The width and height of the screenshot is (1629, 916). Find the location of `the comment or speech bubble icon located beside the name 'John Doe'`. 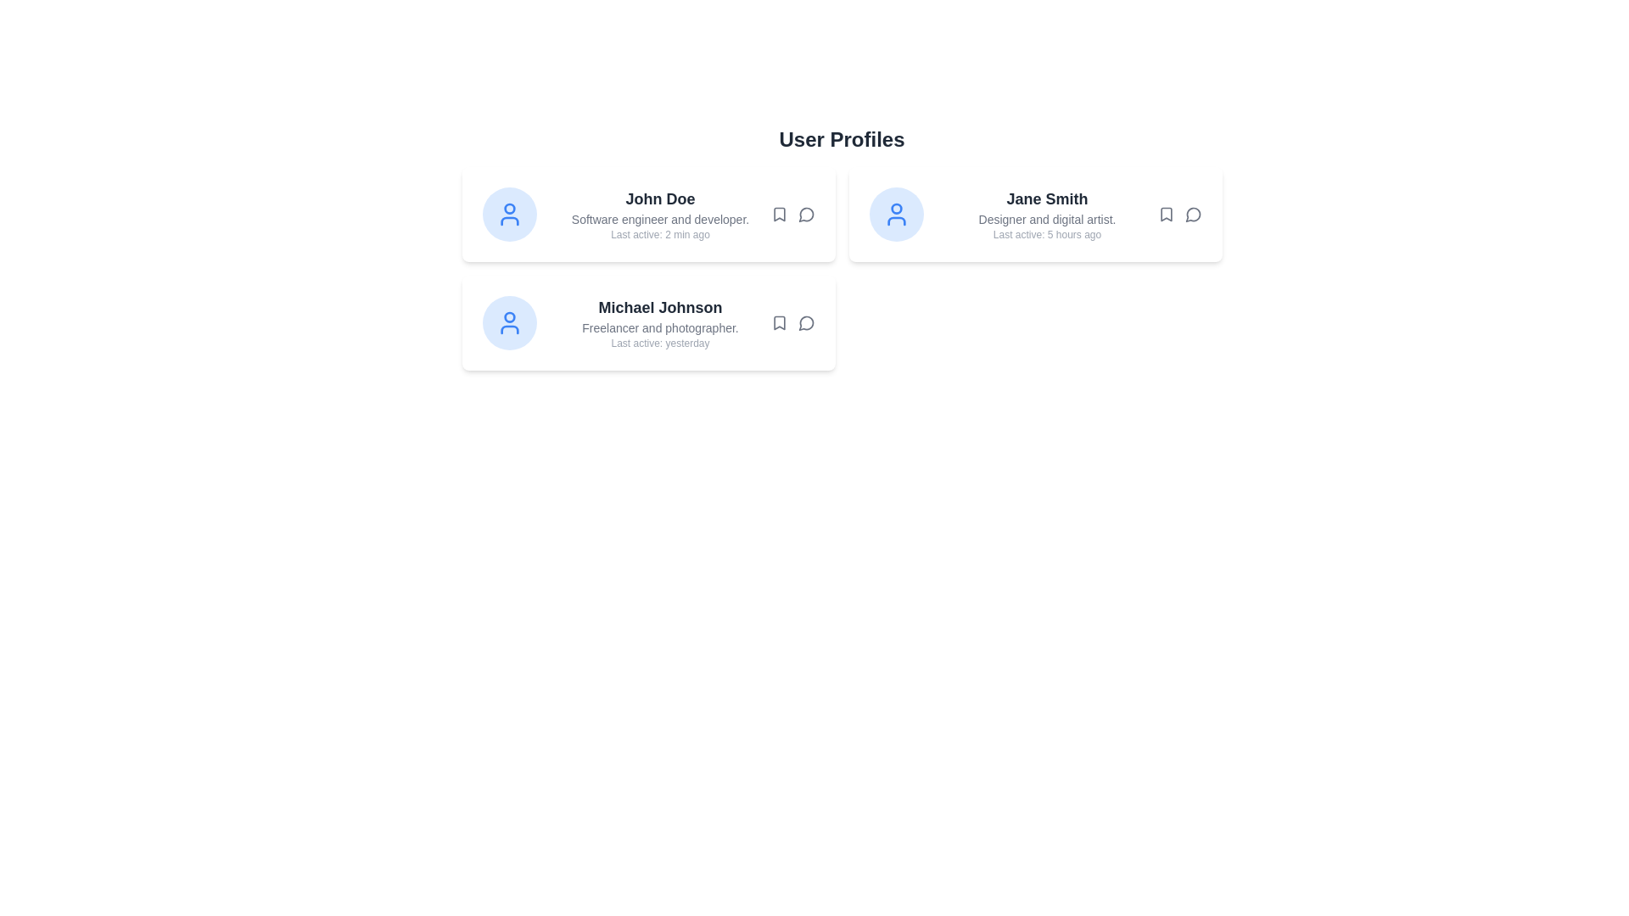

the comment or speech bubble icon located beside the name 'John Doe' is located at coordinates (805, 214).